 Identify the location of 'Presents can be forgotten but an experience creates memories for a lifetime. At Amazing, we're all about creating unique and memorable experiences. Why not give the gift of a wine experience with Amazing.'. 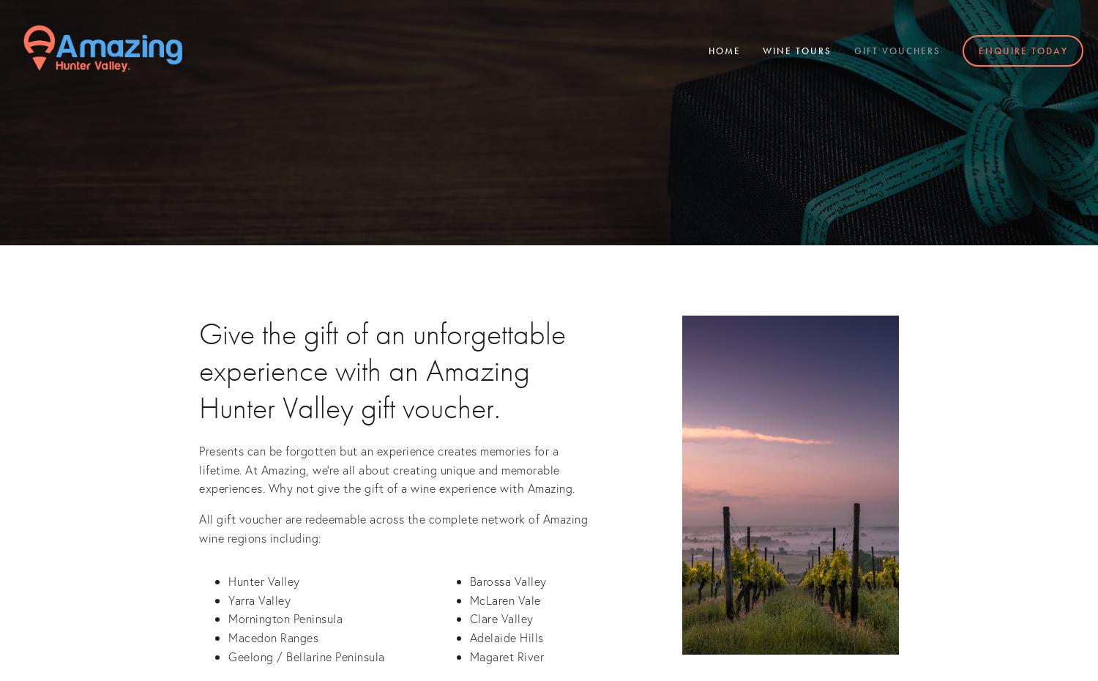
(386, 468).